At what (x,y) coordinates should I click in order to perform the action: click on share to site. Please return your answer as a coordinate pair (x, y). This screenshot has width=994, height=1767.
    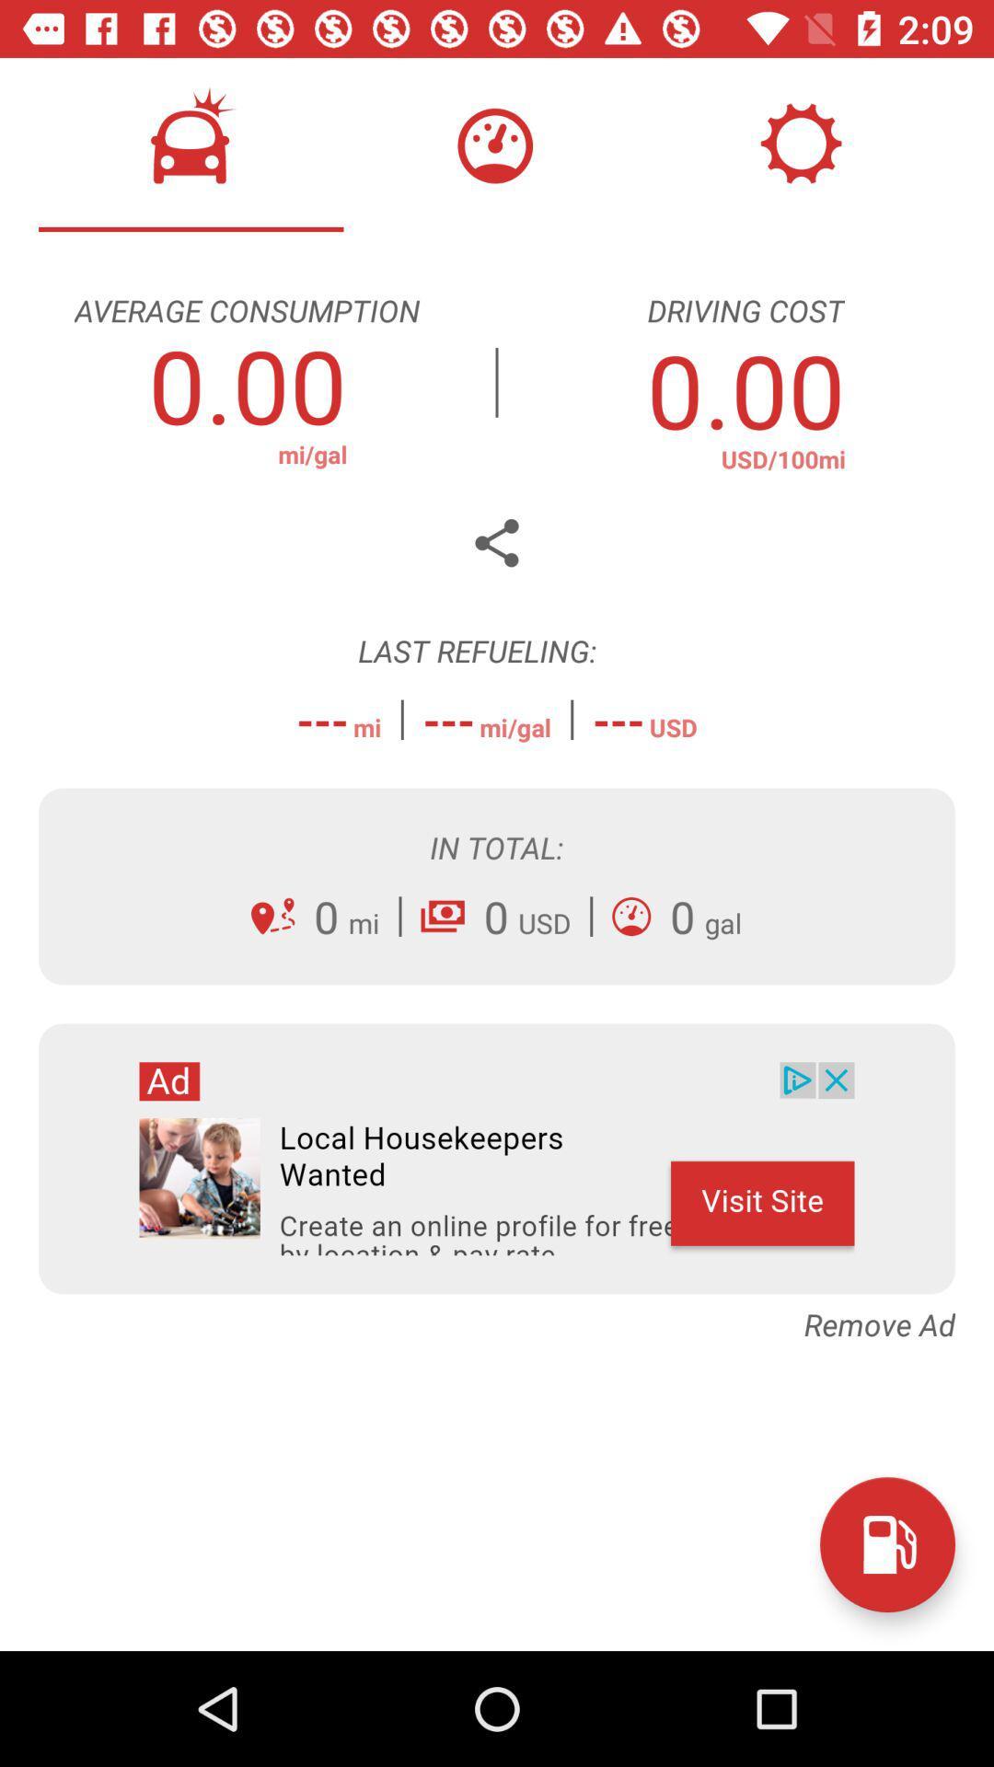
    Looking at the image, I should click on (497, 542).